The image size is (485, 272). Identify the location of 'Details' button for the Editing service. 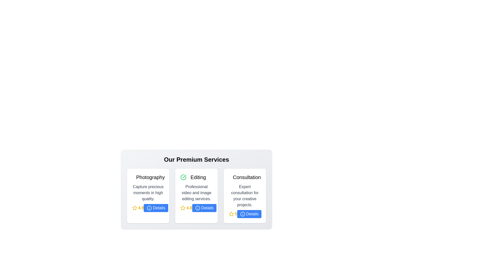
(204, 208).